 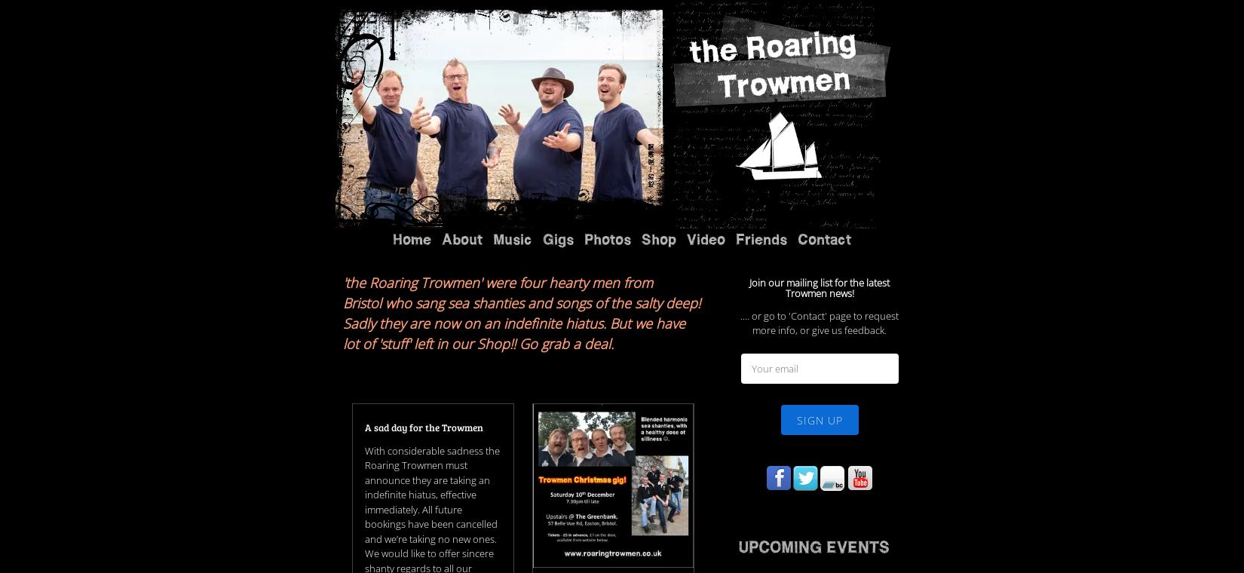 What do you see at coordinates (430, 329) in the screenshot?
I see `'With considerable sadness the Roaring Trowmen must announce they are taking an indefinite hiatus, effective immediately. All future bookings have been cancelled and we’re taking no new ones. We would like to offer sincere shanty regards to all our national…'` at bounding box center [430, 329].